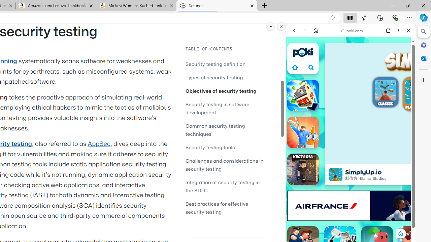 This screenshot has height=242, width=431. I want to click on 'Car Games', so click(351, 158).